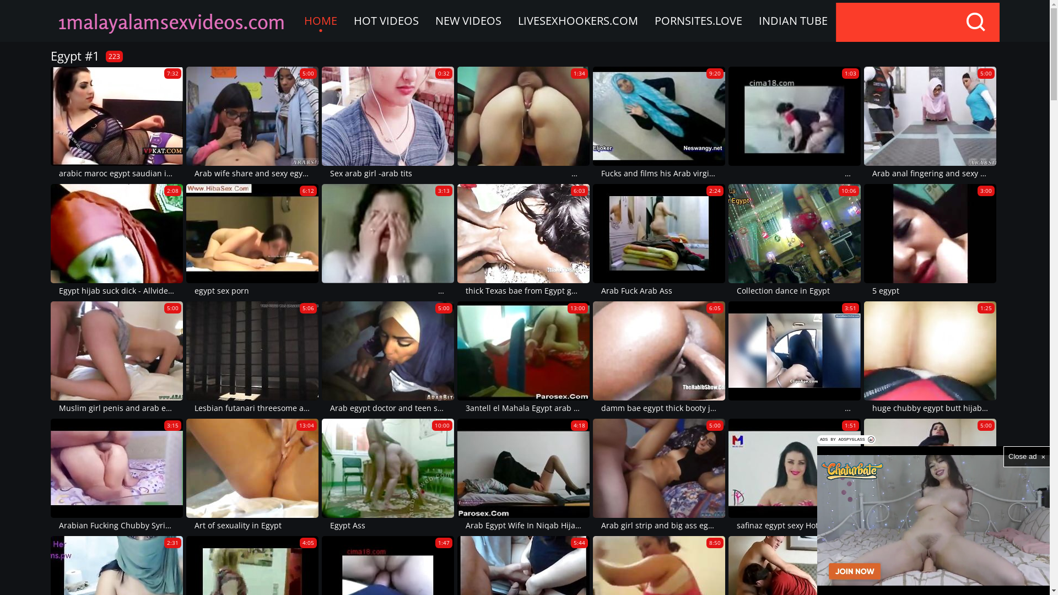  What do you see at coordinates (116, 475) in the screenshot?
I see `'3:15` at bounding box center [116, 475].